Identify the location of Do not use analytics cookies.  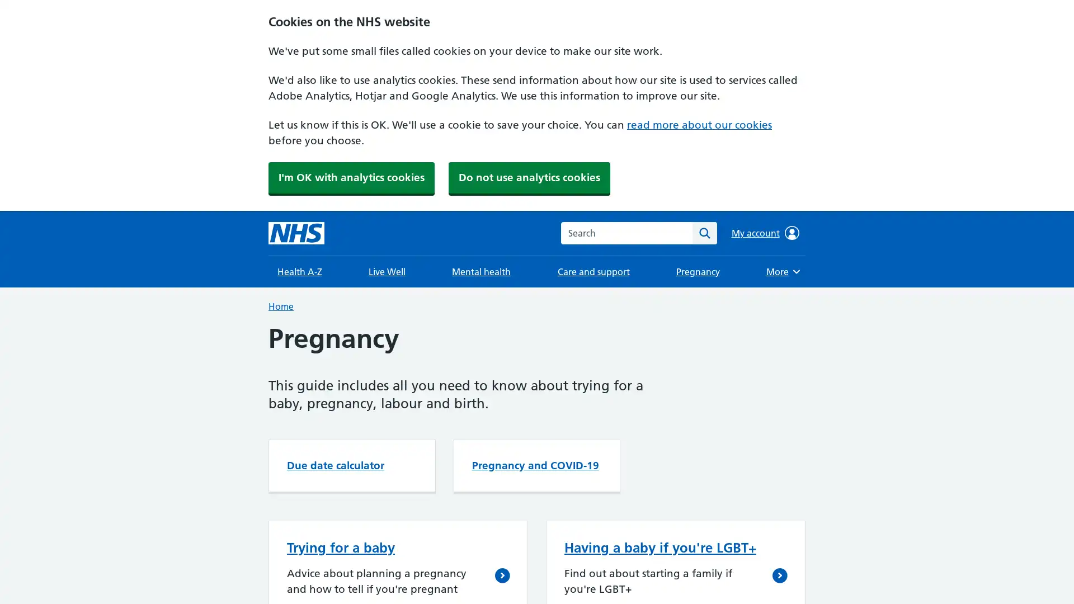
(529, 177).